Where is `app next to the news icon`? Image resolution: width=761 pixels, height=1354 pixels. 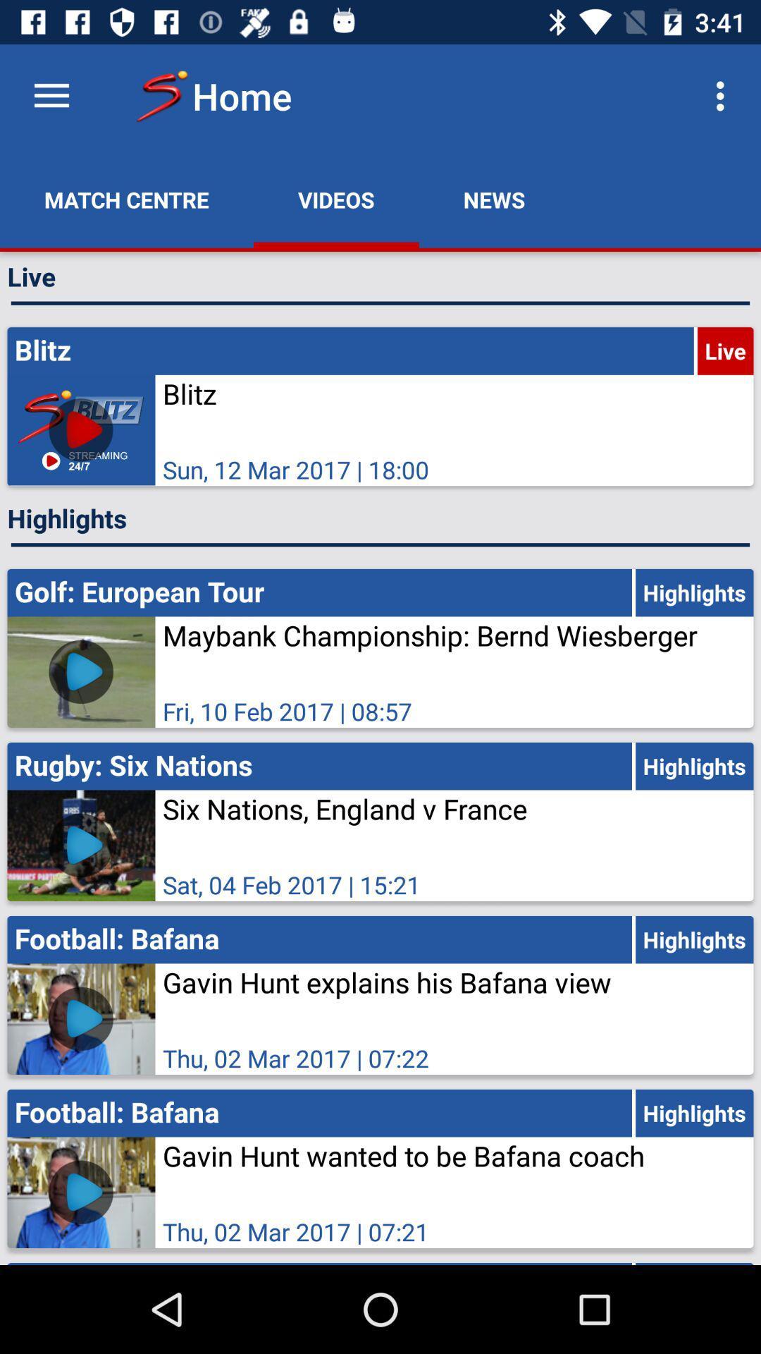 app next to the news icon is located at coordinates (336, 199).